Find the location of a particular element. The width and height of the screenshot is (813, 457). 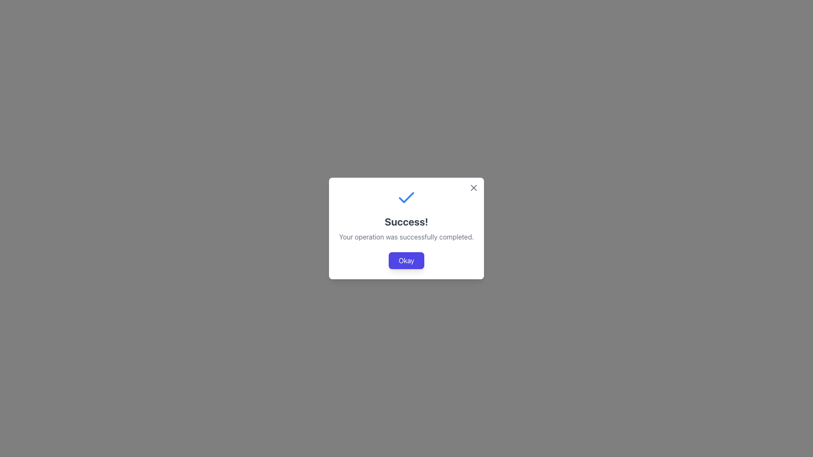

the heading text indicating a successful operation outcome in the upper-middle part of the modal dialog is located at coordinates (406, 221).